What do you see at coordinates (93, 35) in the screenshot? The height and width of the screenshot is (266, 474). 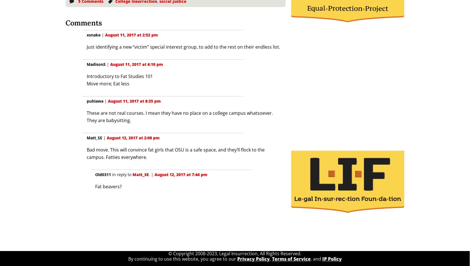 I see `'xsnake'` at bounding box center [93, 35].